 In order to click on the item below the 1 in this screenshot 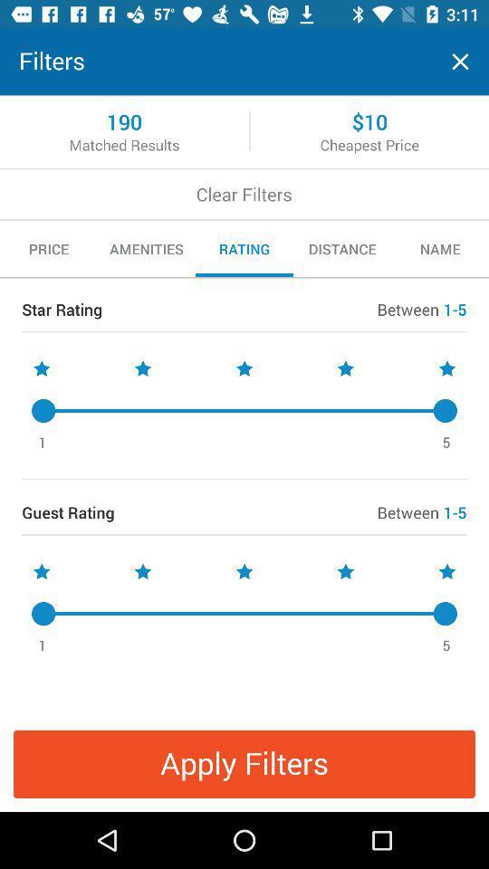, I will do `click(244, 763)`.